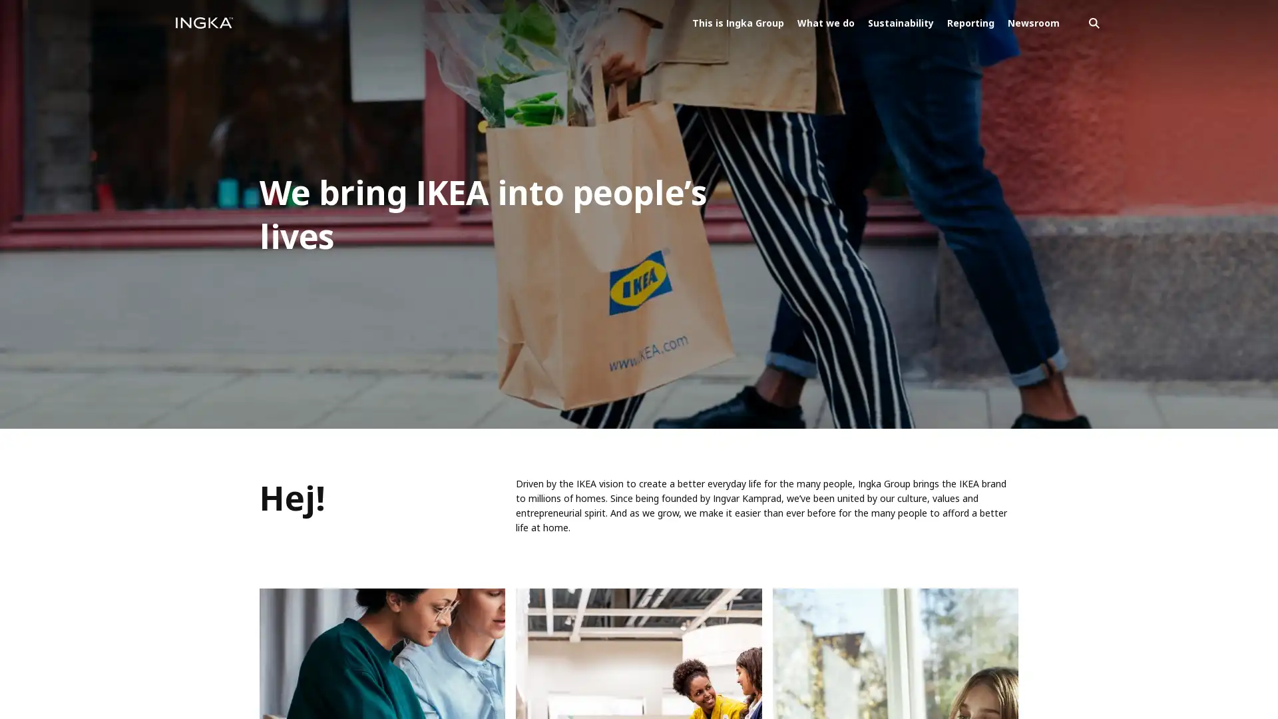  What do you see at coordinates (204, 667) in the screenshot?
I see `Cookies Settings` at bounding box center [204, 667].